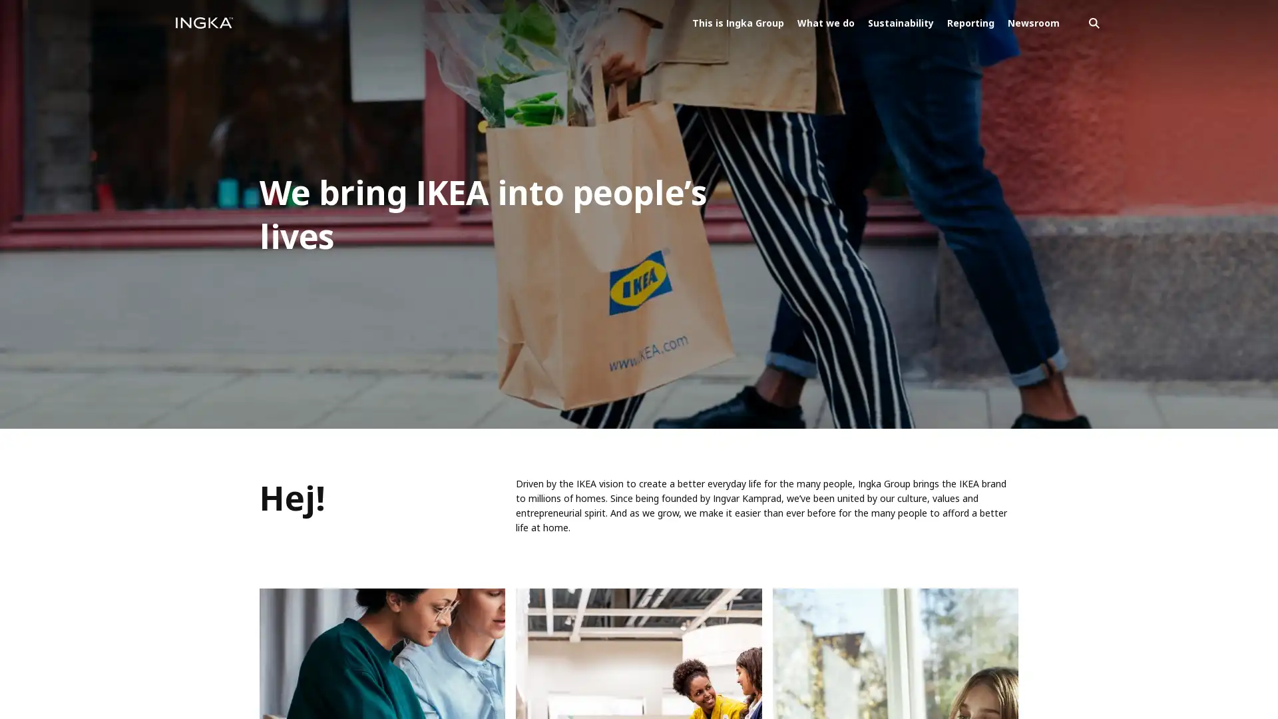  What do you see at coordinates (204, 667) in the screenshot?
I see `Cookies Settings` at bounding box center [204, 667].